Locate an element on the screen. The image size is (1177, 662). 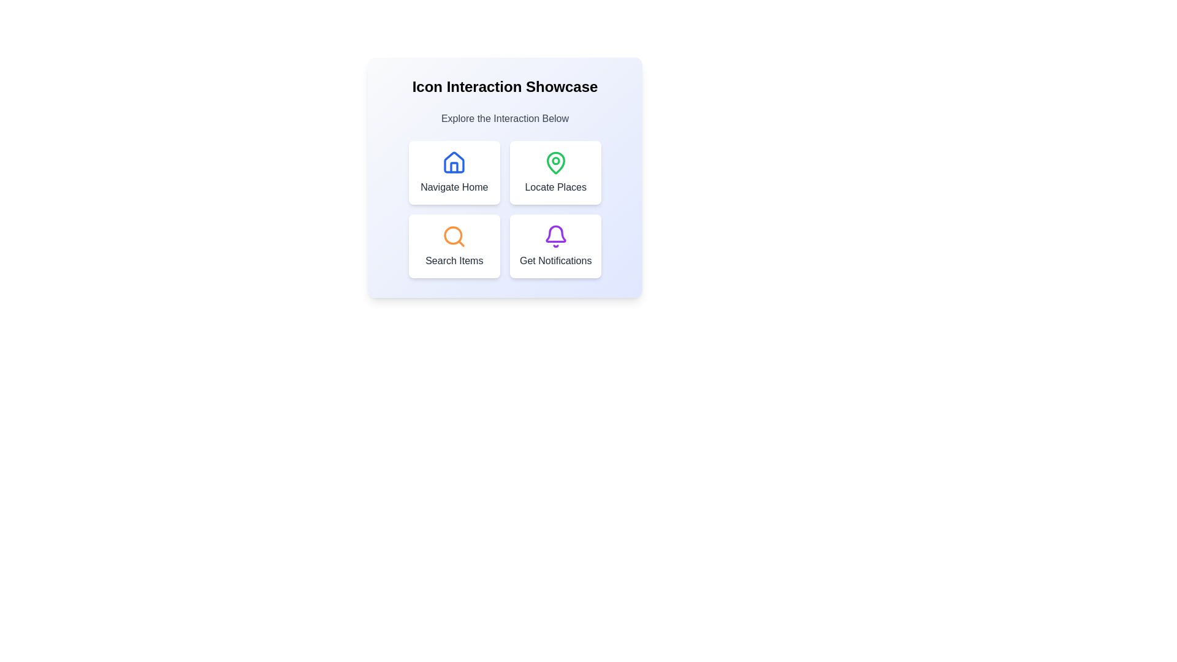
the home button located in the top-left quadrant of the UI is located at coordinates (454, 172).